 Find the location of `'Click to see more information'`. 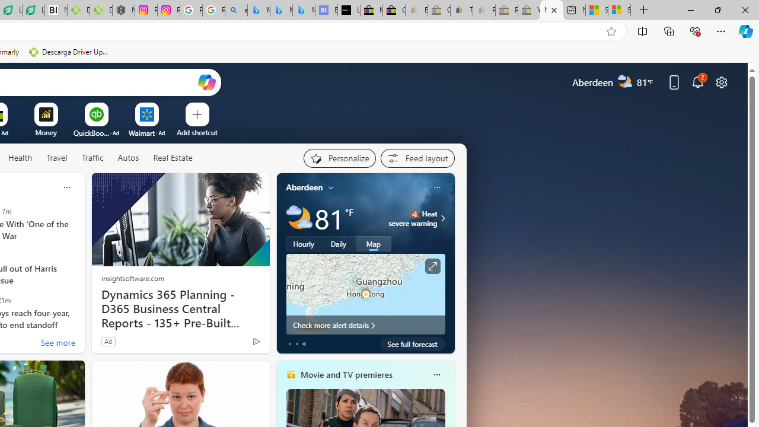

'Click to see more information' is located at coordinates (431, 266).